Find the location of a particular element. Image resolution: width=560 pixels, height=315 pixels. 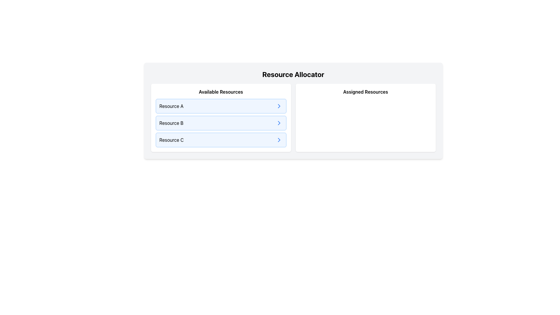

the chevron icon located in the second row labeled 'Resource B' in the 'Available Resources' section is located at coordinates (279, 123).